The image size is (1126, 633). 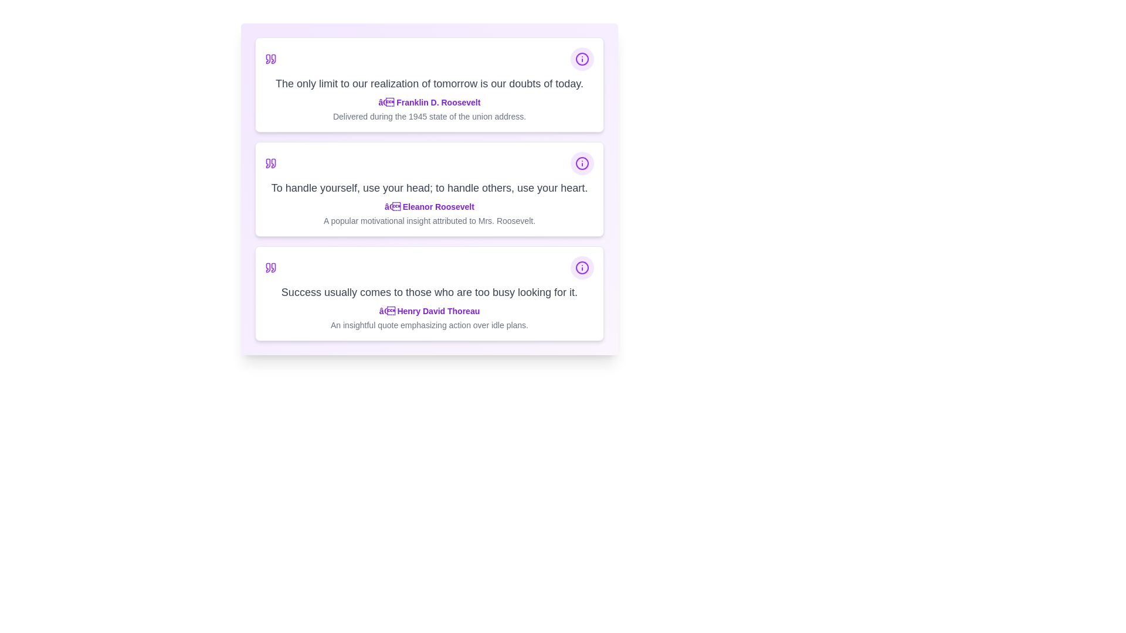 I want to click on text quote displayed in the text block, which is centrally aligned within the first bordered card and presented in dark gray font, so click(x=429, y=83).